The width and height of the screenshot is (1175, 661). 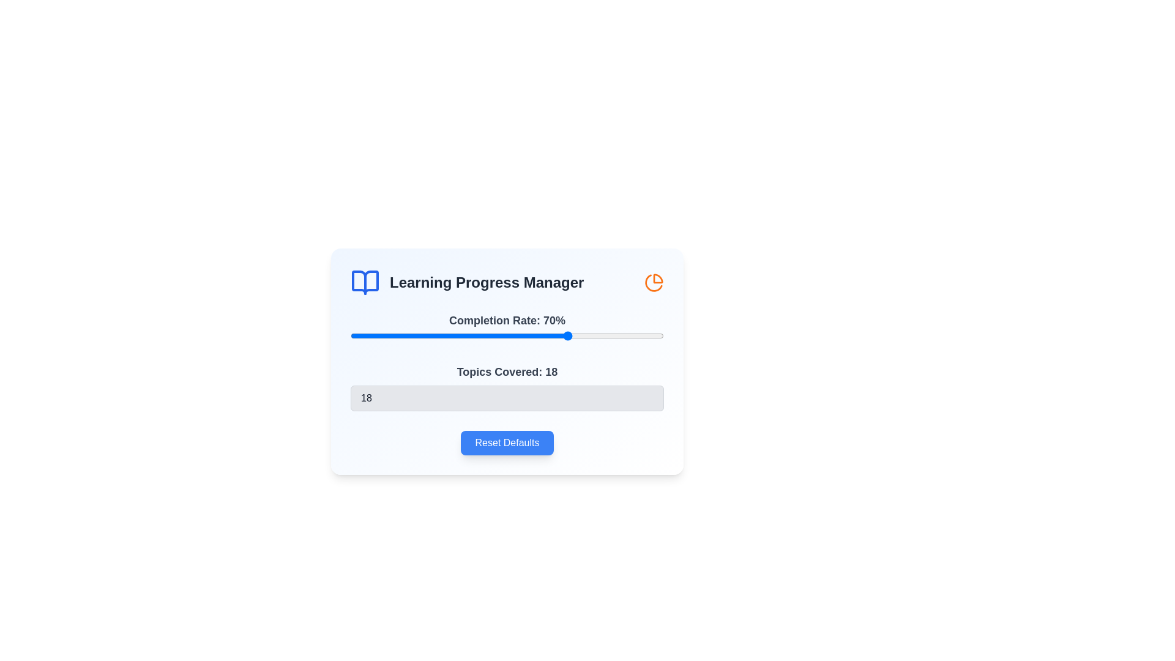 I want to click on the completion rate slider to 7%, so click(x=371, y=335).